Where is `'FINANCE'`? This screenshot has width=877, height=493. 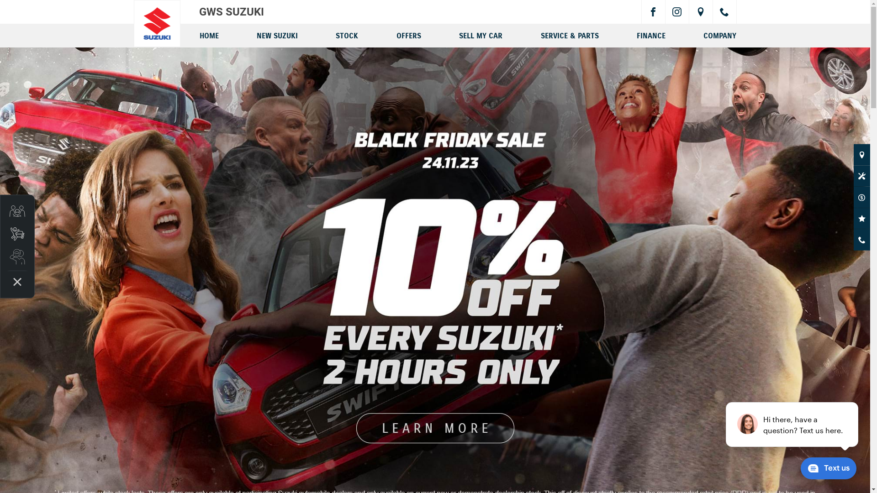
'FINANCE' is located at coordinates (650, 35).